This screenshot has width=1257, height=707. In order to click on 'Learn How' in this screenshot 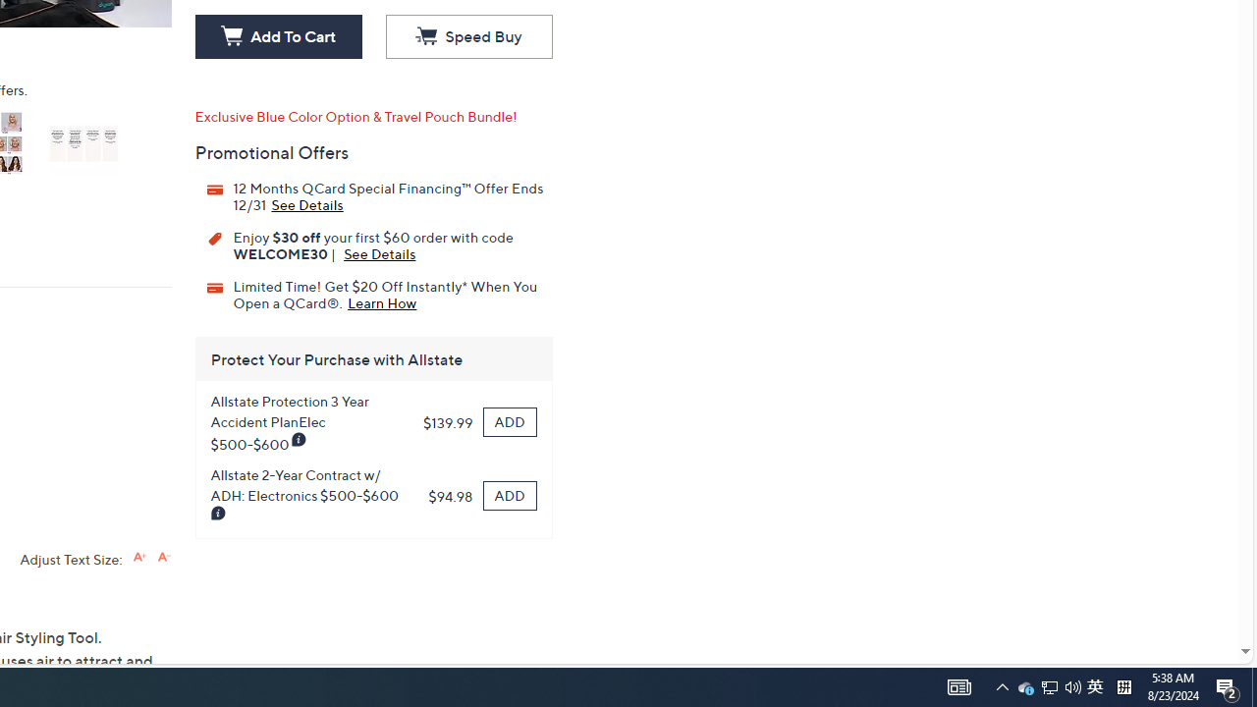, I will do `click(382, 301)`.